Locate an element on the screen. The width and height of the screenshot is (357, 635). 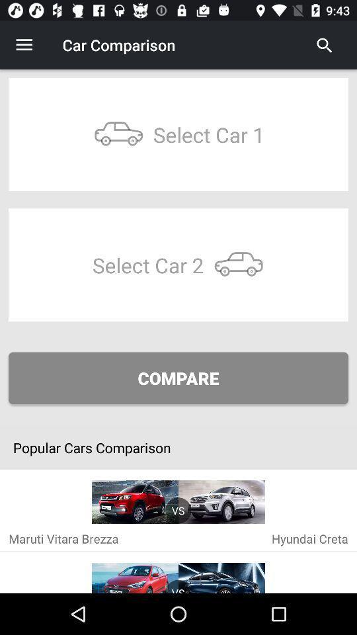
the icon to the left of car comparison icon is located at coordinates (24, 45).